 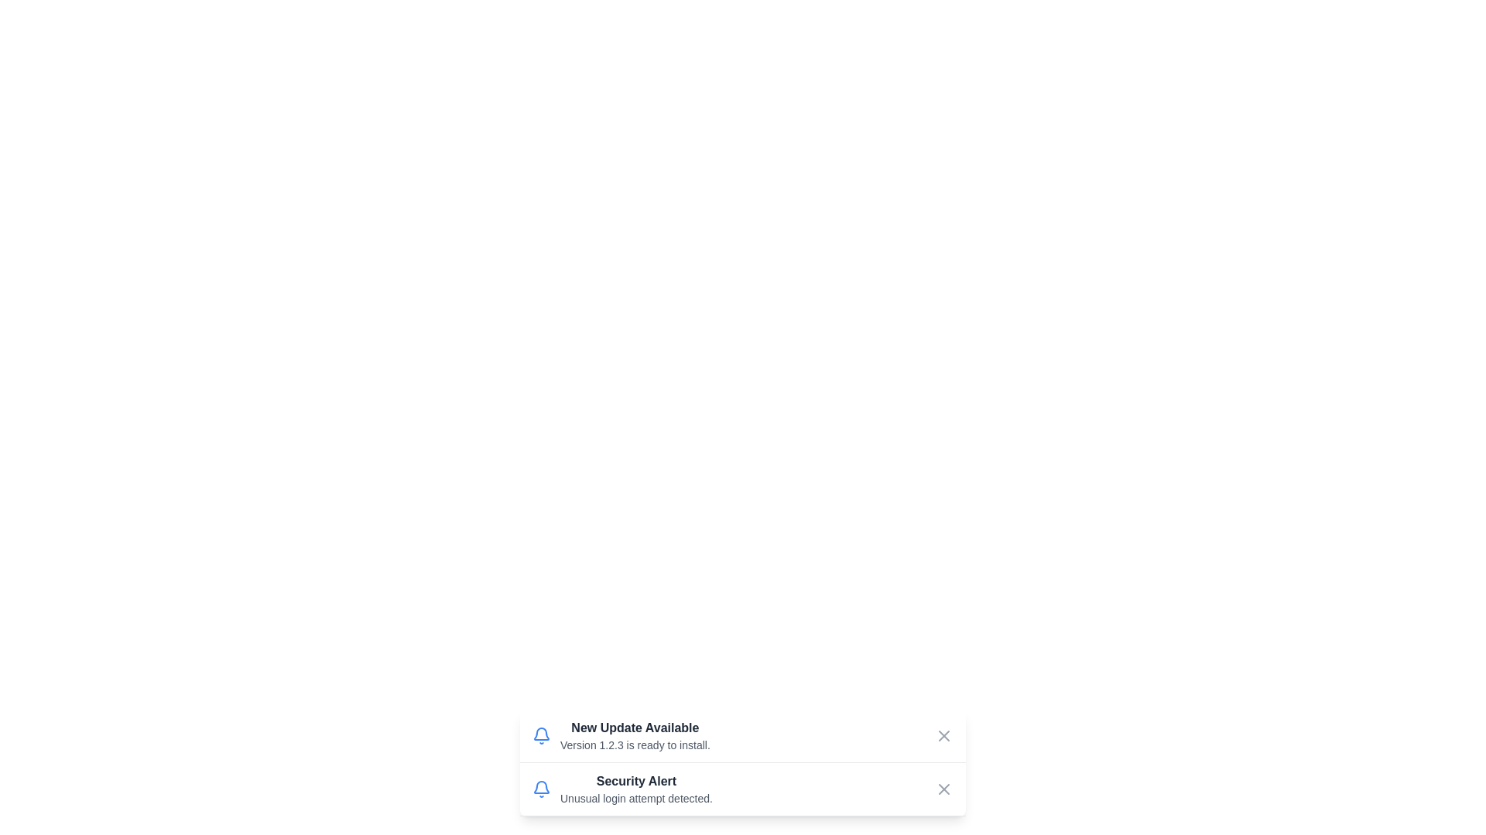 What do you see at coordinates (542, 789) in the screenshot?
I see `the notification icon for 2` at bounding box center [542, 789].